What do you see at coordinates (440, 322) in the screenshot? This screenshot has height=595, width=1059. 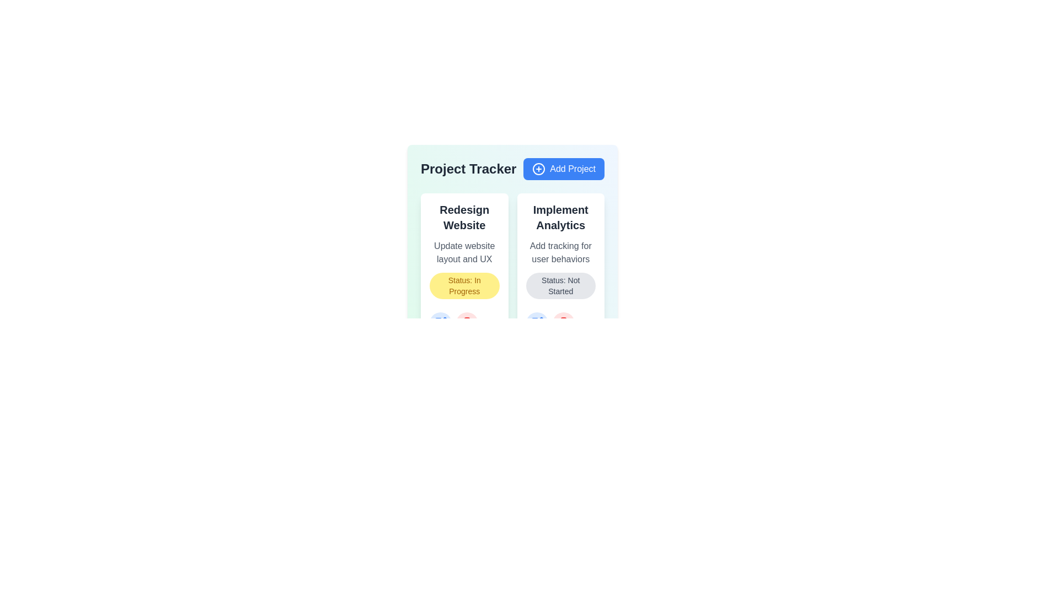 I see `edit button for the project titled 'Redesign Website'` at bounding box center [440, 322].